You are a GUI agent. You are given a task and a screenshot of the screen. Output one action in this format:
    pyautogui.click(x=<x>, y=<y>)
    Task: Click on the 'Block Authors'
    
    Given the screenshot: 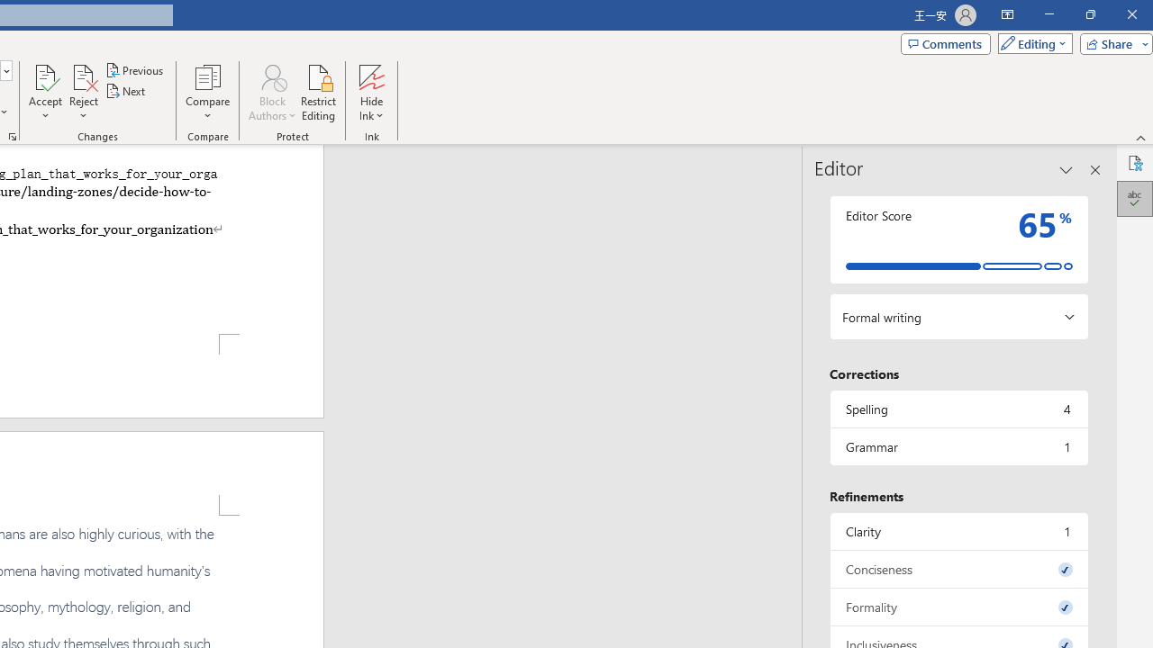 What is the action you would take?
    pyautogui.click(x=271, y=76)
    